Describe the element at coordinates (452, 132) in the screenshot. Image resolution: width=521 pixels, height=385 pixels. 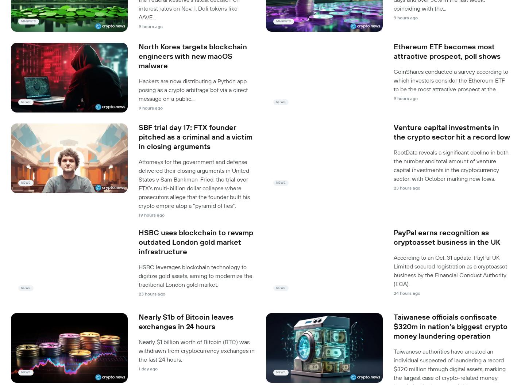
I see `'Venture capital investments in the crypto sector hit a record low'` at that location.